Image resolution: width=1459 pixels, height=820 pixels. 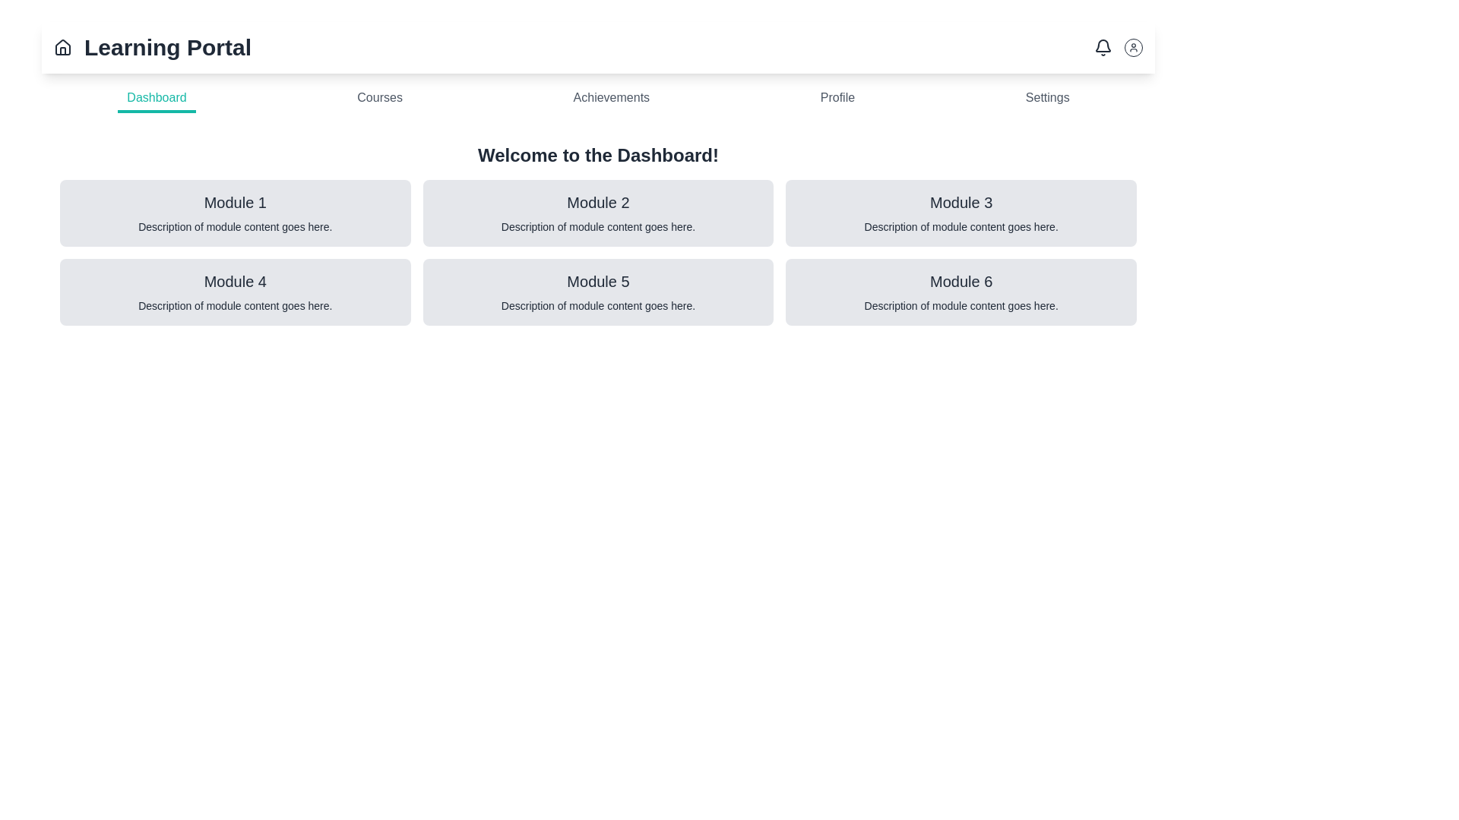 I want to click on the interactive card located at the bottom-right corner of the grid, specifically the third module in the second row, so click(x=961, y=292).